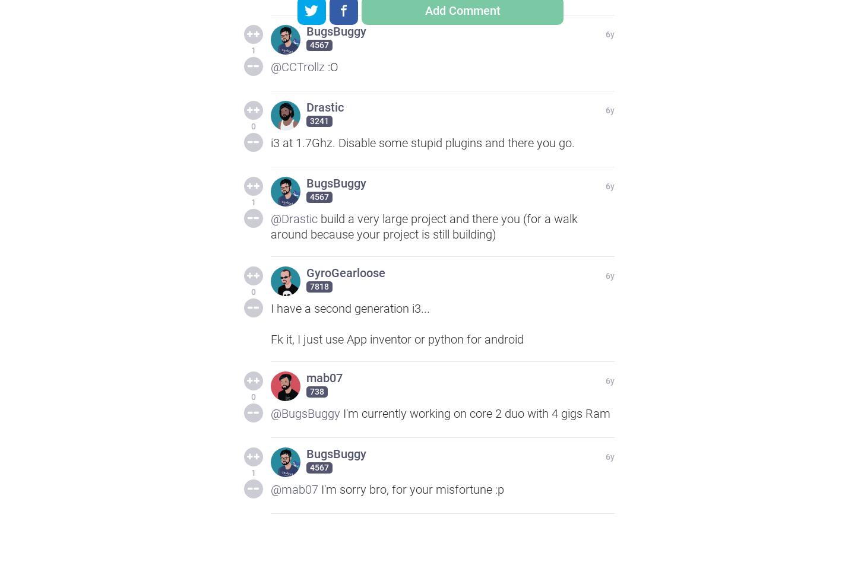 This screenshot has width=861, height=575. I want to click on '@Drastic', so click(294, 218).